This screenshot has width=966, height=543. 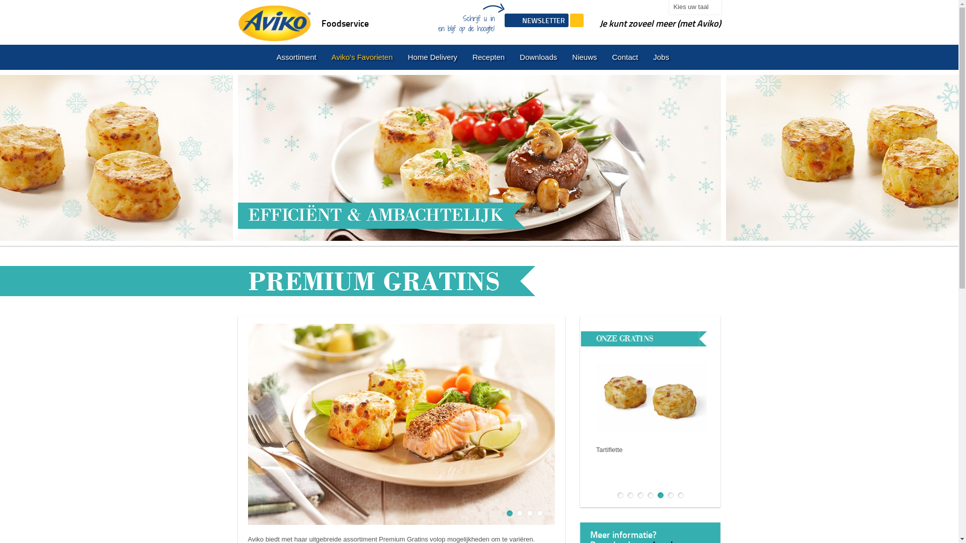 What do you see at coordinates (536, 513) in the screenshot?
I see `'4'` at bounding box center [536, 513].